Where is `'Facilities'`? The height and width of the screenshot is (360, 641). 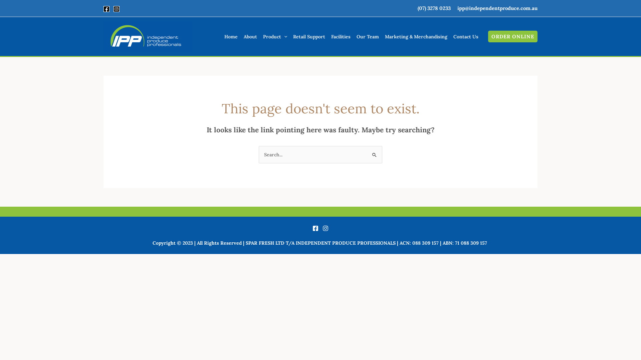
'Facilities' is located at coordinates (341, 37).